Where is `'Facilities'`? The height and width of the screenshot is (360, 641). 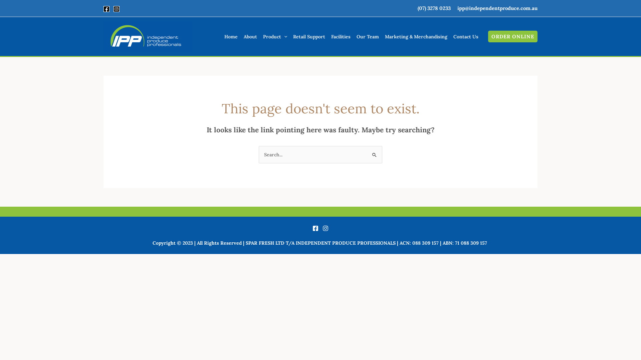
'Facilities' is located at coordinates (341, 37).